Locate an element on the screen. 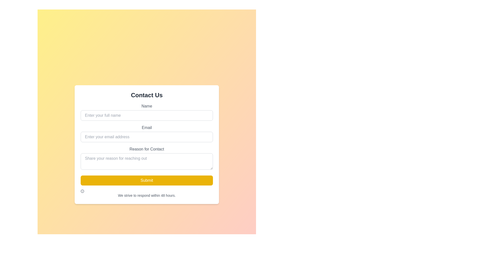  the 'Email' text label styled with a medium gray font, which is positioned directly above the email input field in the middle section of the form is located at coordinates (146, 127).